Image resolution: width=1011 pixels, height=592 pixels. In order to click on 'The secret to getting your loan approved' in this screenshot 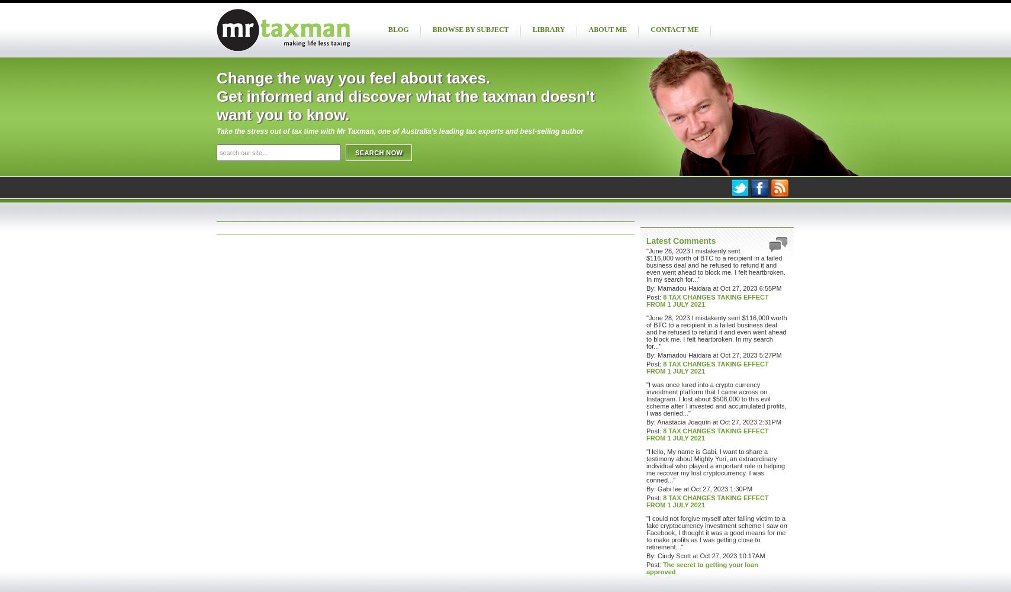, I will do `click(702, 568)`.